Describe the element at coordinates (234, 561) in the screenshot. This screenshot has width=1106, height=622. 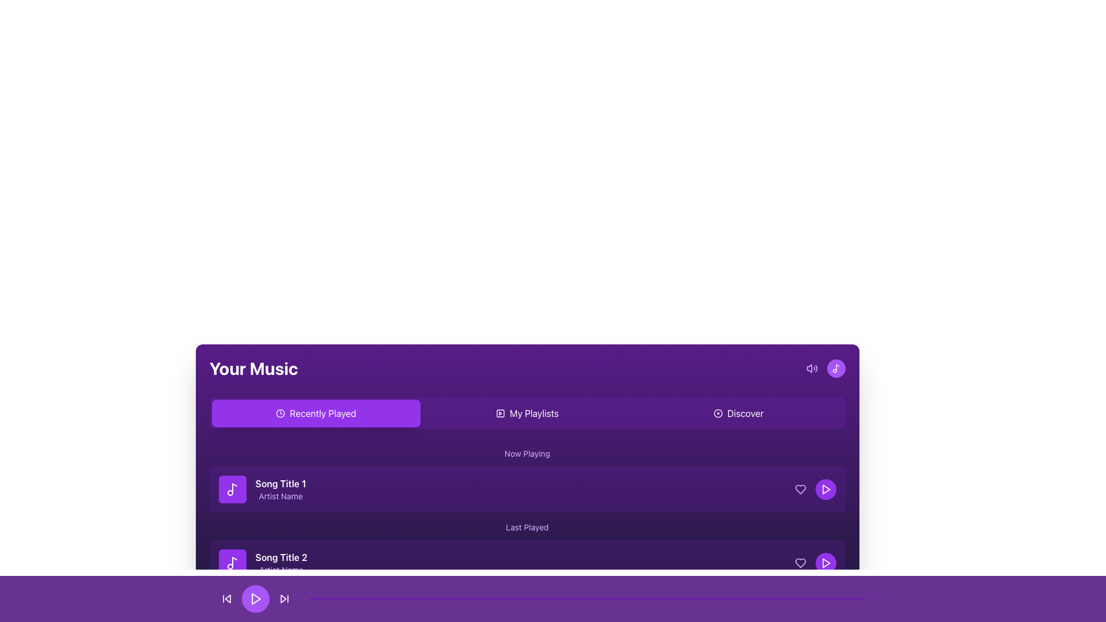
I see `the thin vertical line of the music note icon associated with 'Song Title 2', which is part of the 'Your Music' section` at that location.